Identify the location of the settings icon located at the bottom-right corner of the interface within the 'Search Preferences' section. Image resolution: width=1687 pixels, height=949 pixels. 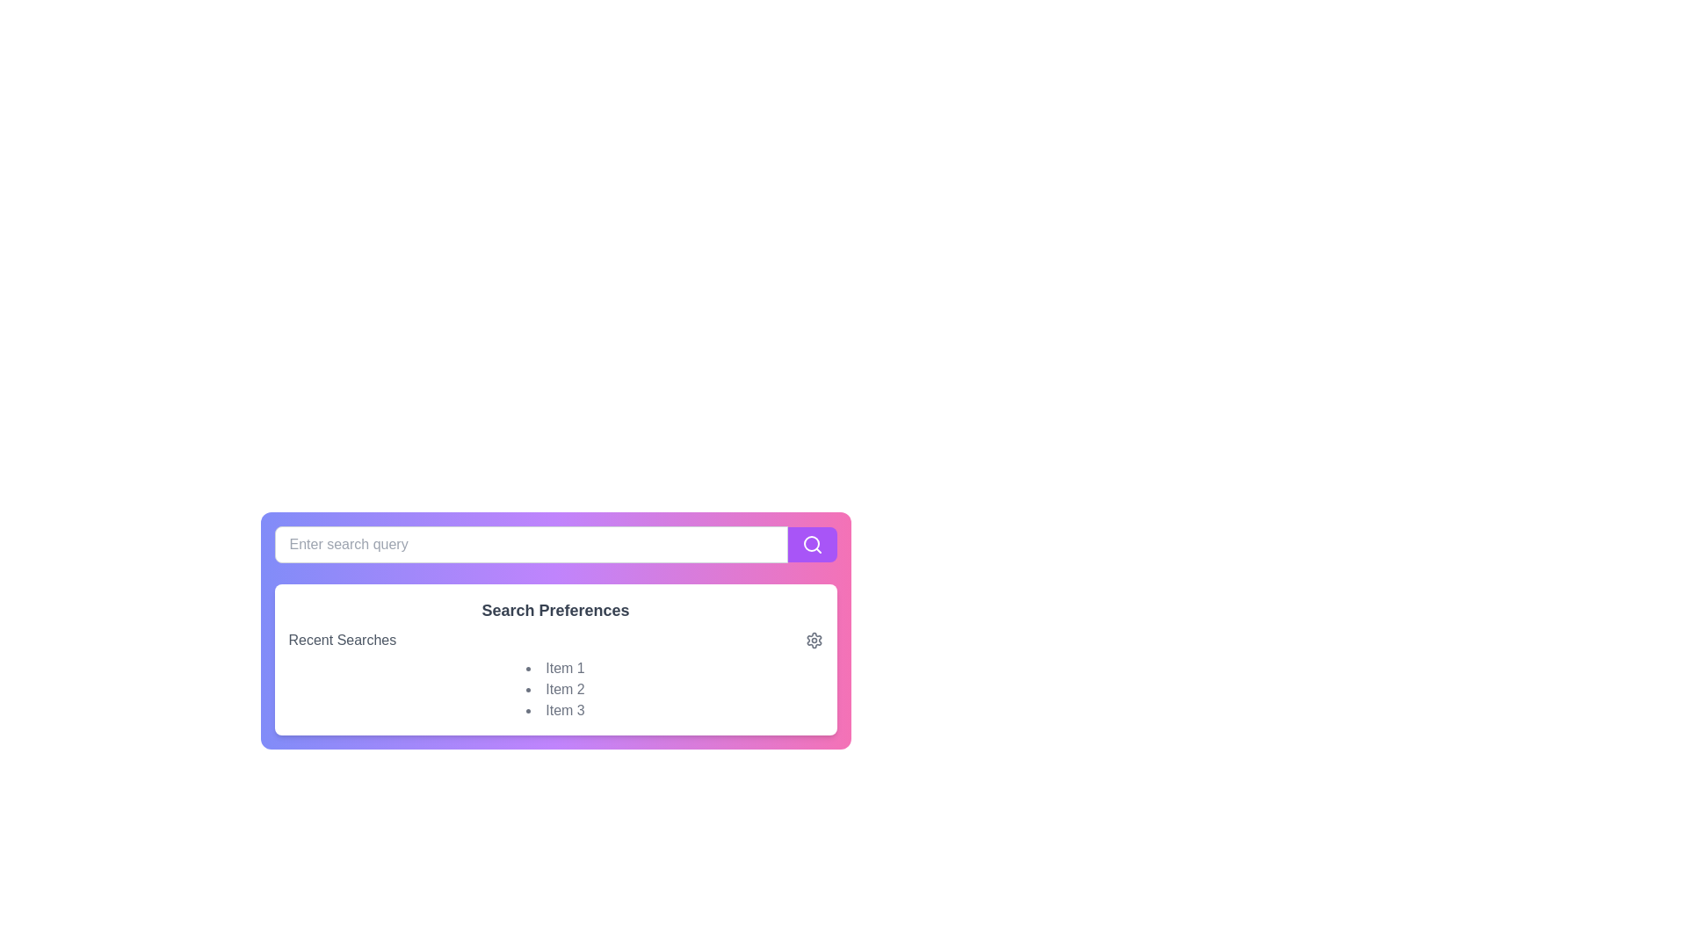
(813, 641).